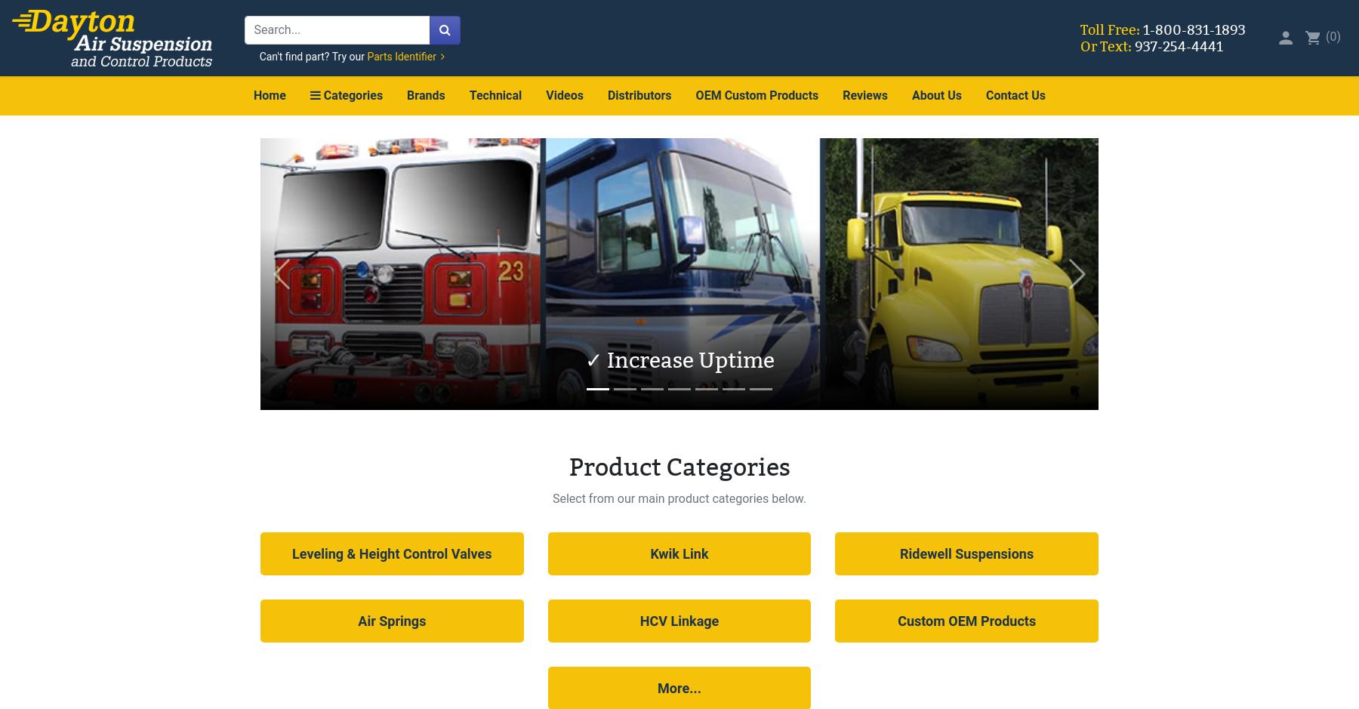  I want to click on '✓ Increase Uptime', so click(679, 358).